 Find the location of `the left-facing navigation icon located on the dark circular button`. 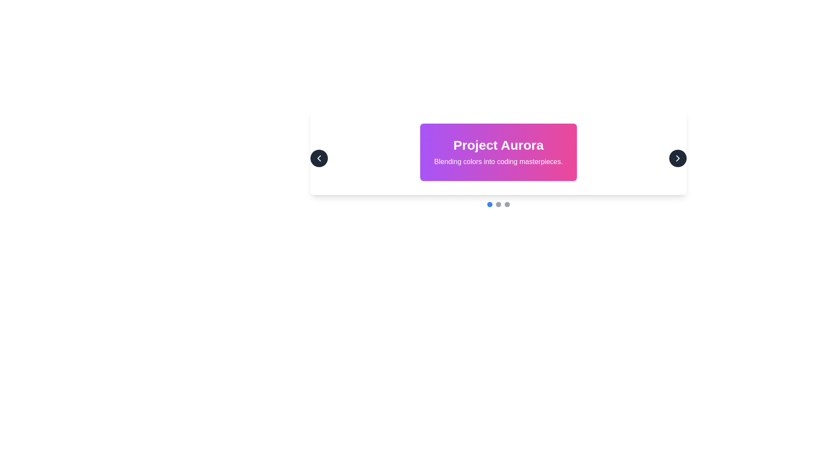

the left-facing navigation icon located on the dark circular button is located at coordinates (319, 158).